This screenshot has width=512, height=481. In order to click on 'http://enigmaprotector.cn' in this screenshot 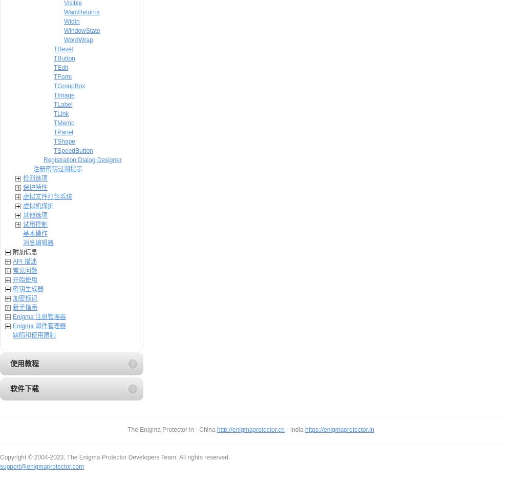, I will do `click(250, 430)`.